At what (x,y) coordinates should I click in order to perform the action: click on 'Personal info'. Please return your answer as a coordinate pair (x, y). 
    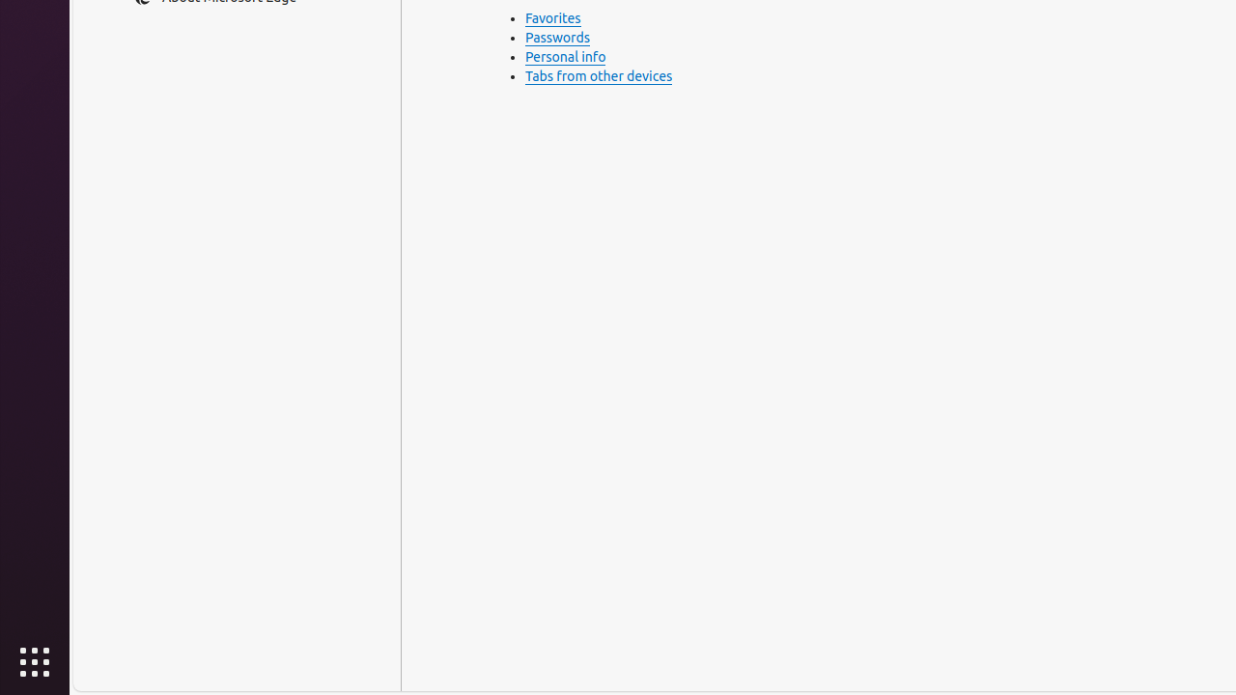
    Looking at the image, I should click on (564, 56).